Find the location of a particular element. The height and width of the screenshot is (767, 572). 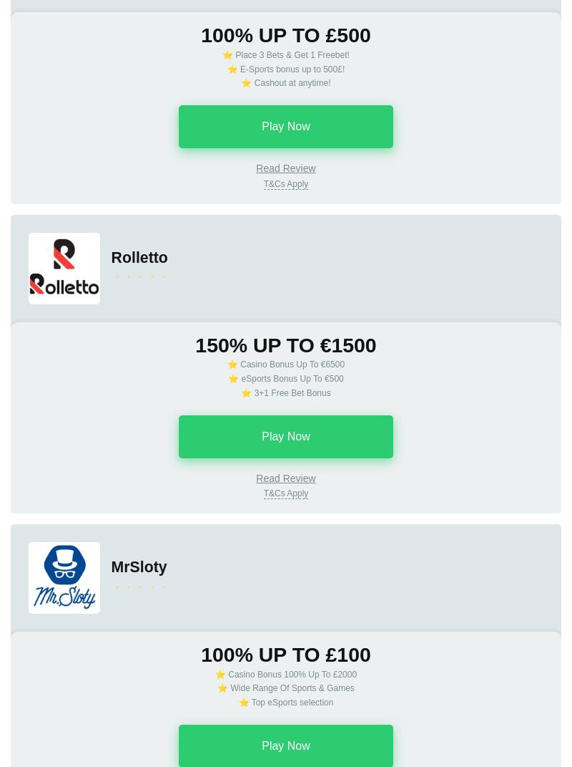

'⭐ eSports Bonus Up To €500' is located at coordinates (285, 377).